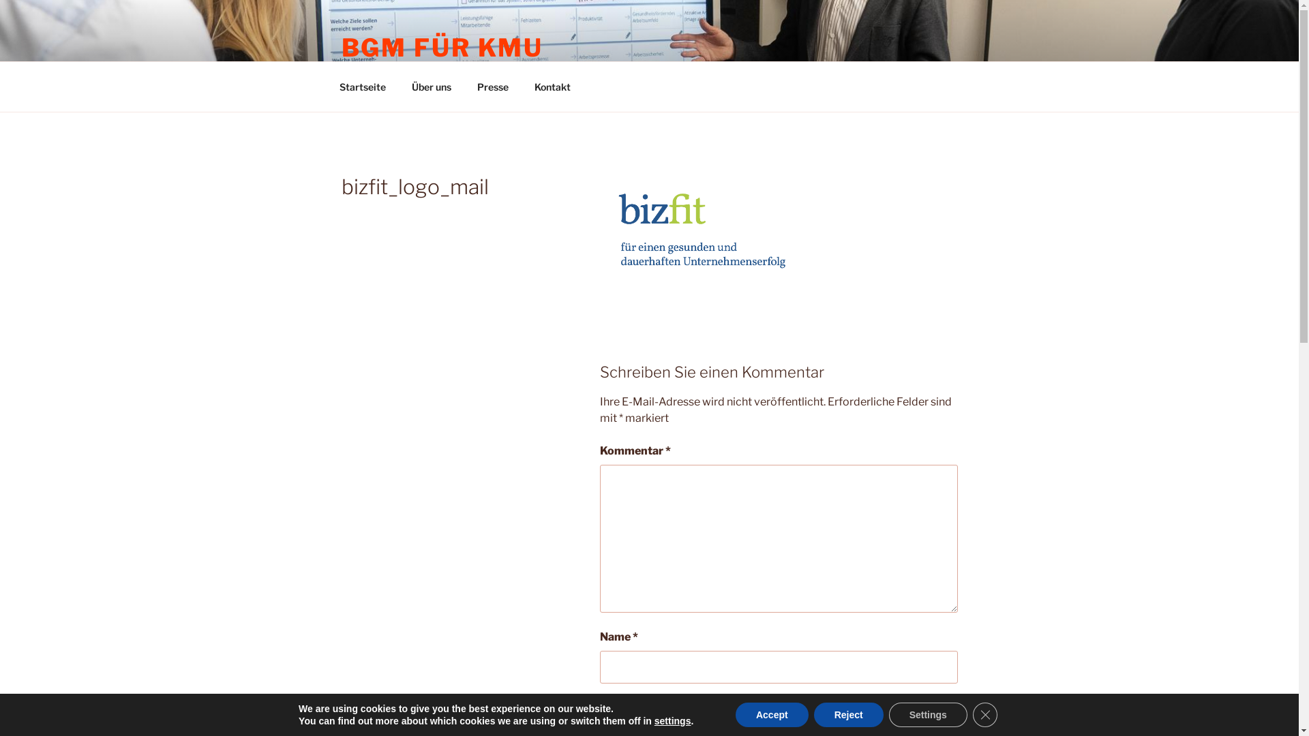 The image size is (1309, 736). What do you see at coordinates (552, 87) in the screenshot?
I see `'Kontakt'` at bounding box center [552, 87].